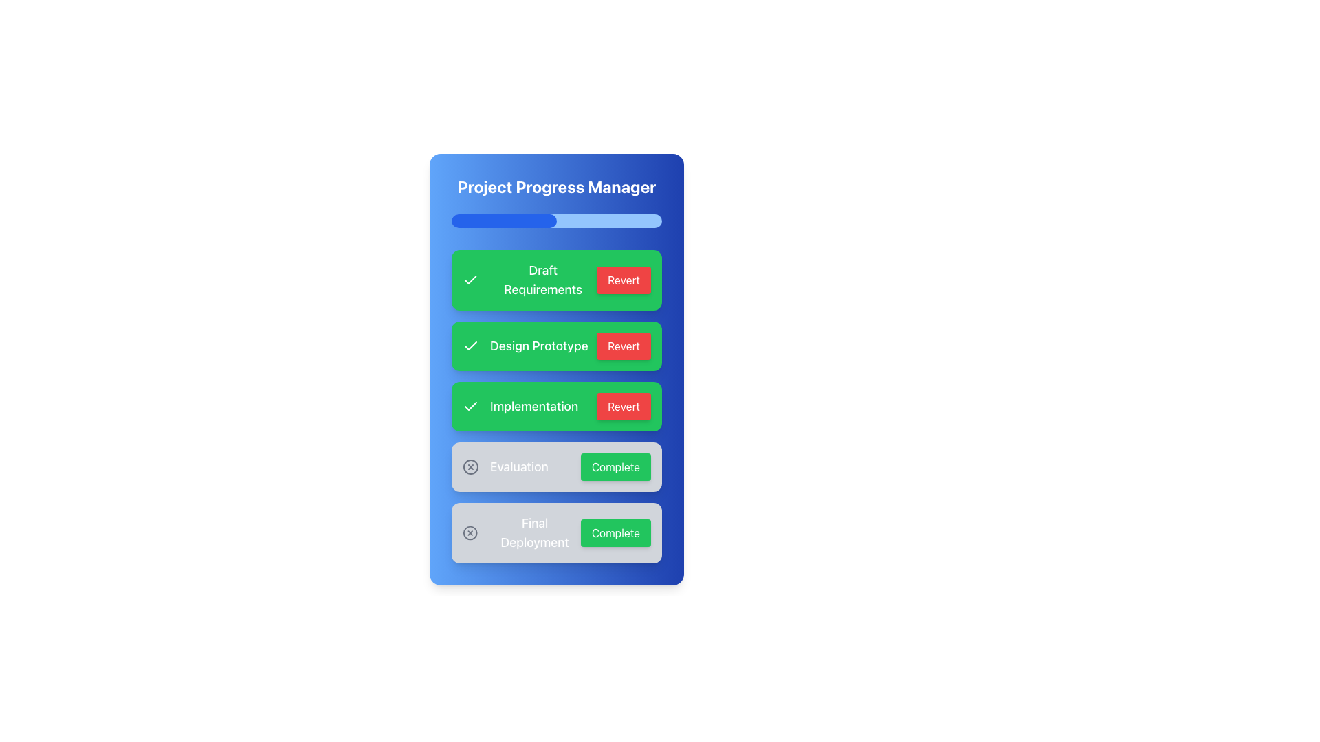  Describe the element at coordinates (470, 532) in the screenshot. I see `the icon located in the bottom section of the interface, to the left of the 'Final Deployment' text, to interact with it` at that location.